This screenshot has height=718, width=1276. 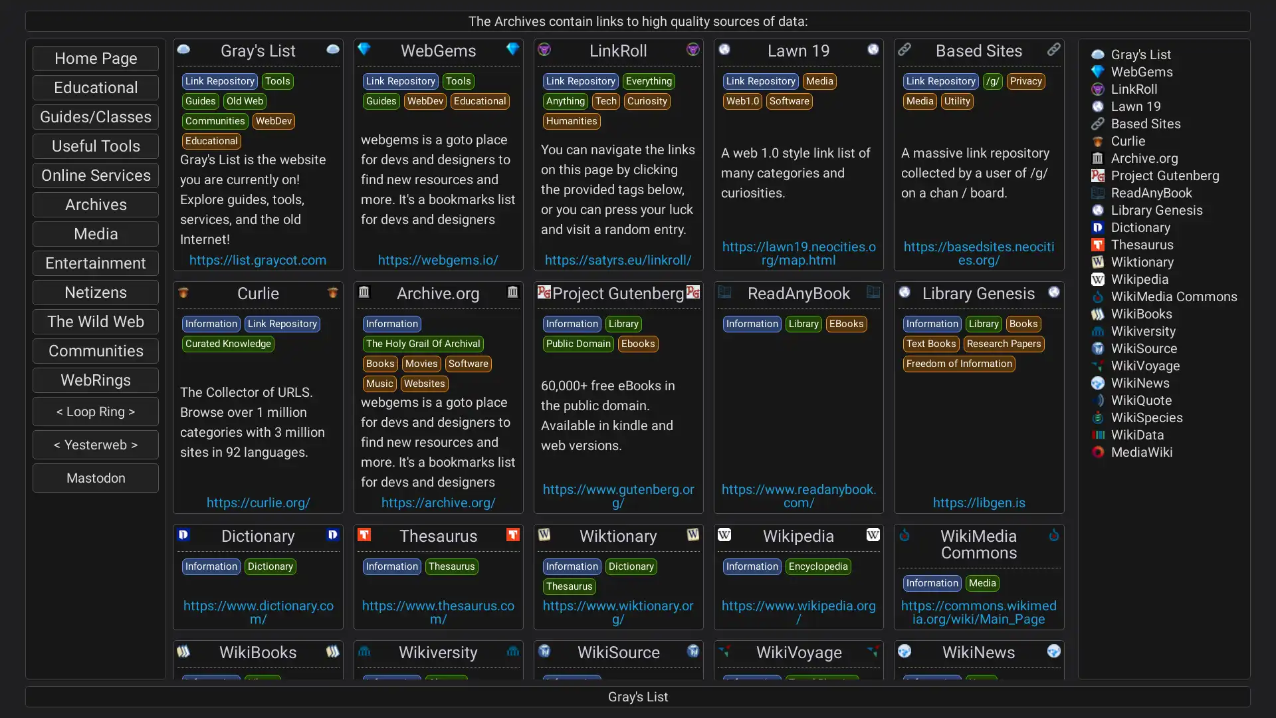 What do you see at coordinates (95, 233) in the screenshot?
I see `Media` at bounding box center [95, 233].